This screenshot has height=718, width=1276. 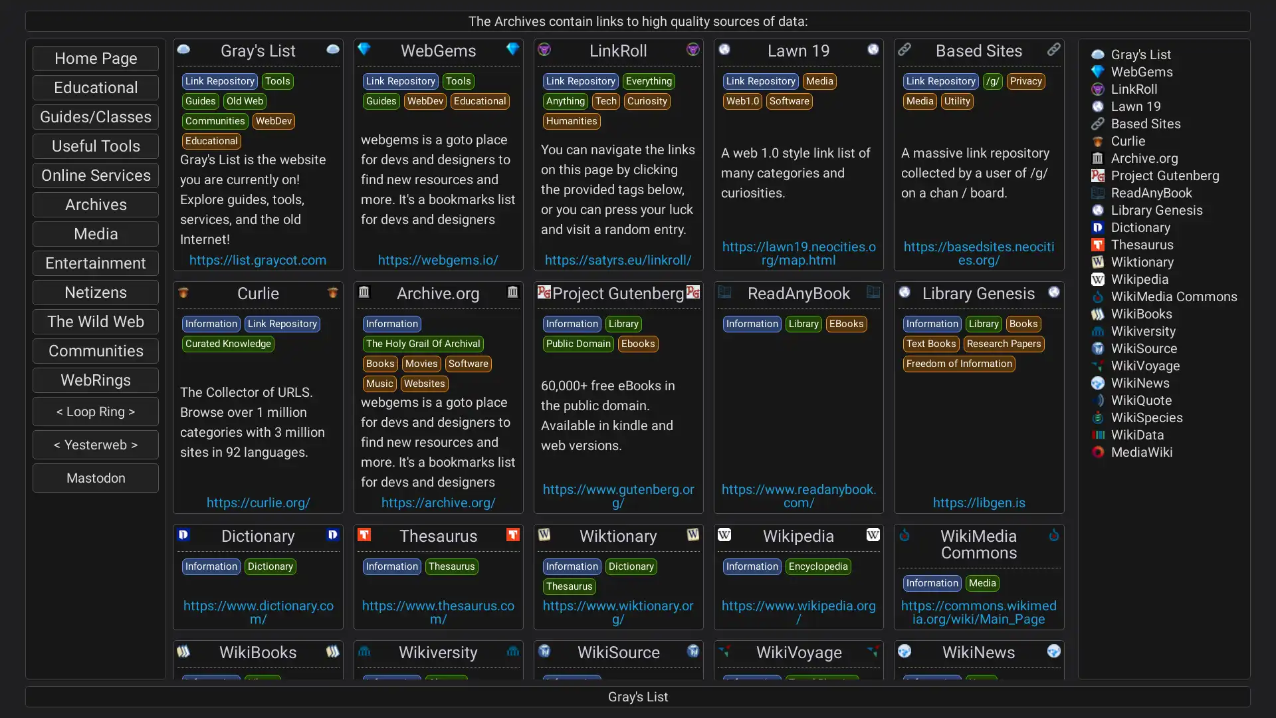 What do you see at coordinates (95, 233) in the screenshot?
I see `Media` at bounding box center [95, 233].